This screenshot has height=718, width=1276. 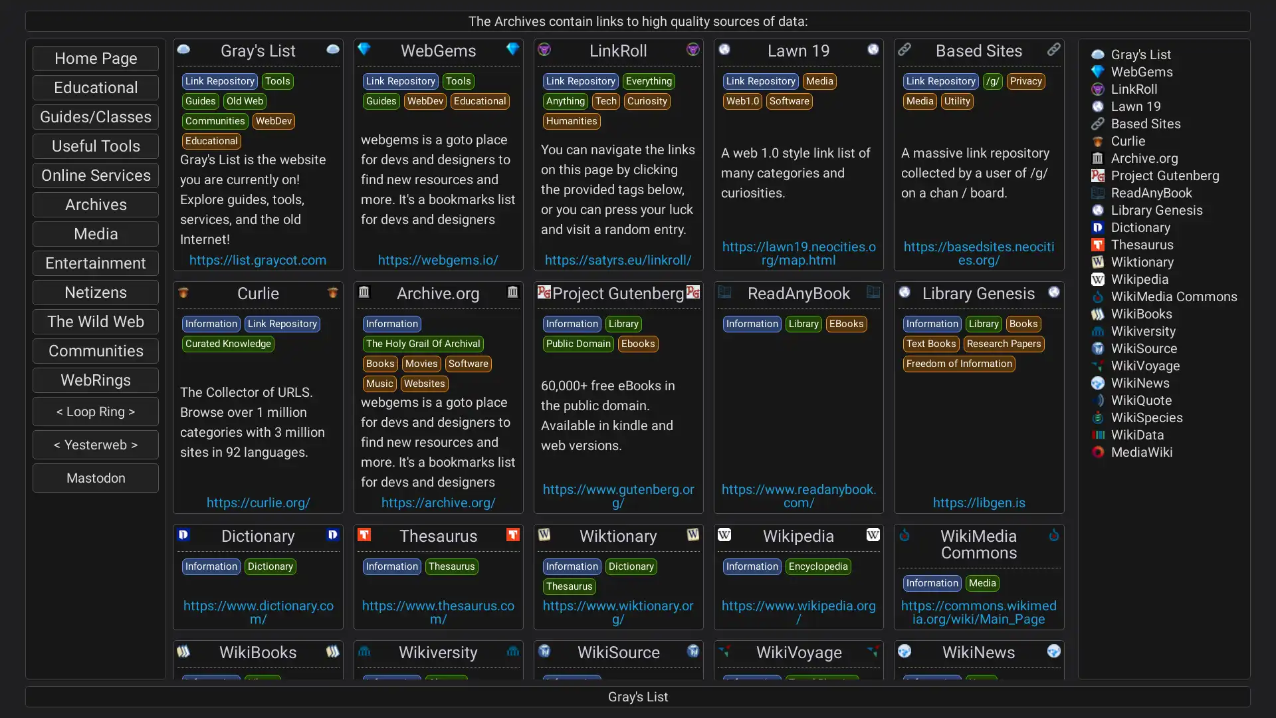 What do you see at coordinates (95, 233) in the screenshot?
I see `Media` at bounding box center [95, 233].